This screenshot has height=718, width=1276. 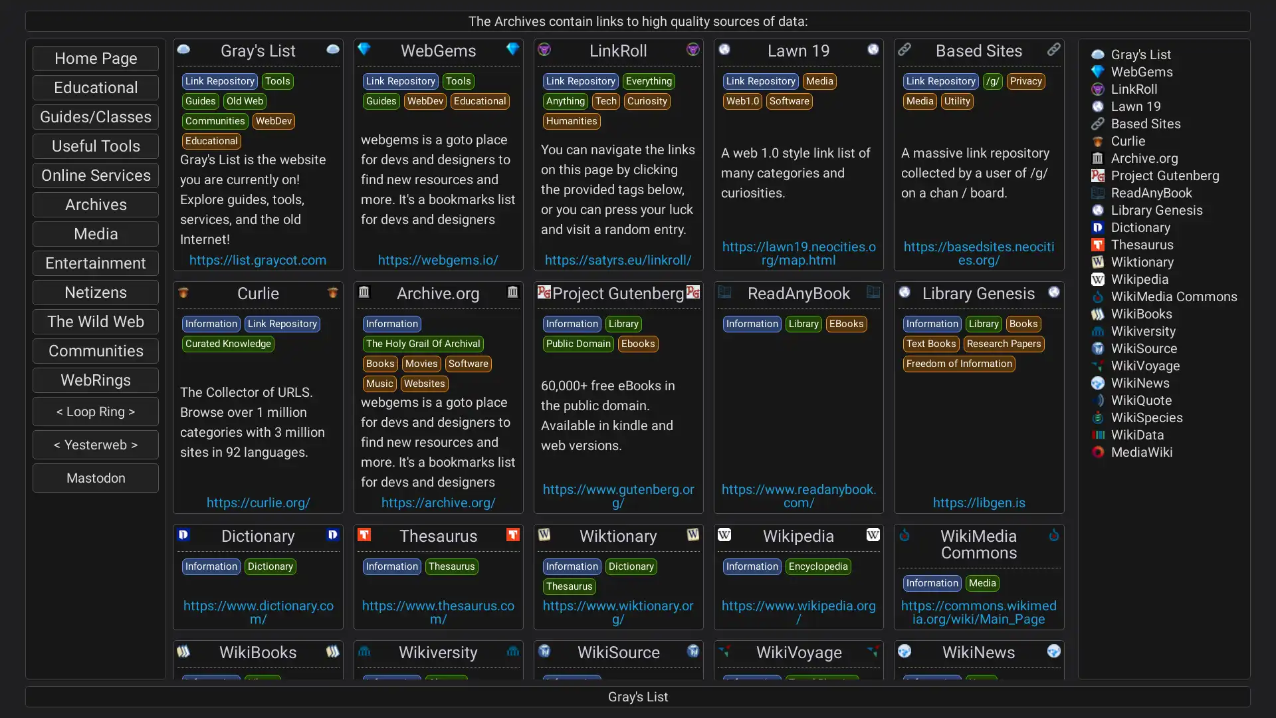 What do you see at coordinates (95, 233) in the screenshot?
I see `Media` at bounding box center [95, 233].